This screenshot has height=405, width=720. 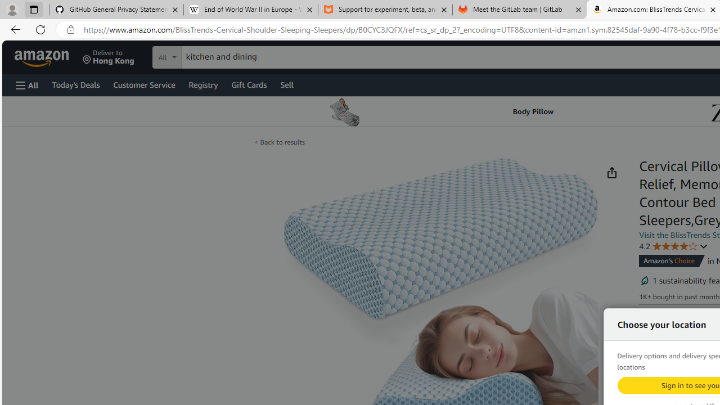 I want to click on '4.2 4.2 out of 5 stars', so click(x=674, y=245).